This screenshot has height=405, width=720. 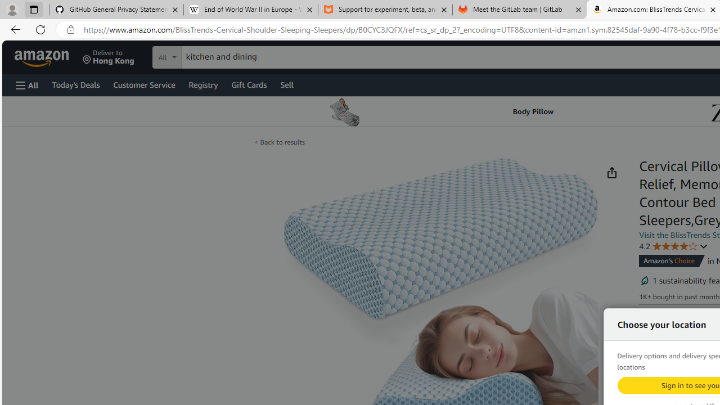 I want to click on '4.2 4.2 out of 5 stars', so click(x=674, y=245).